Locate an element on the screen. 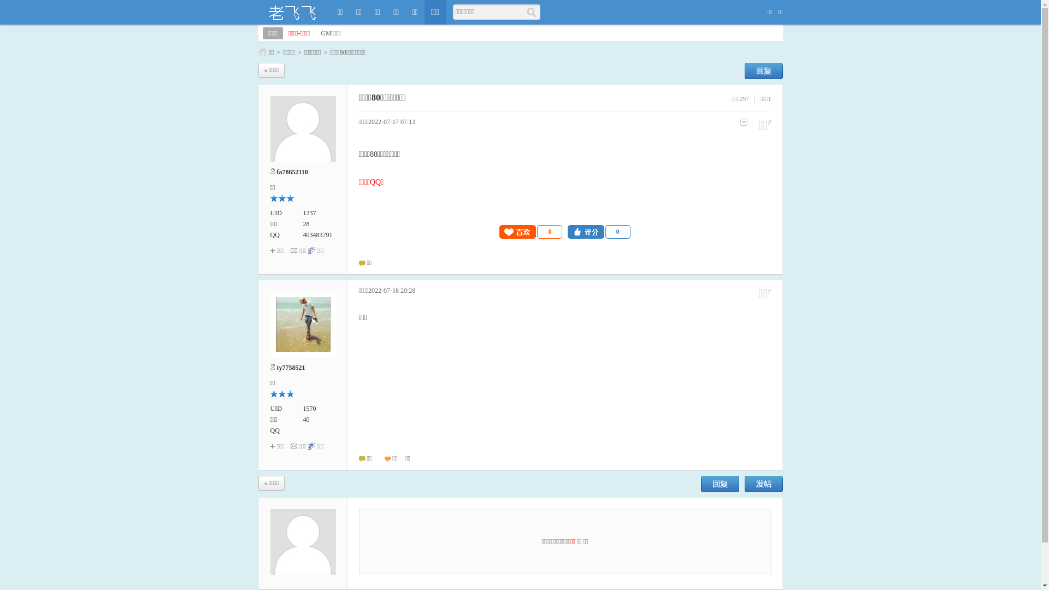 The image size is (1049, 590). 'ty7758521' is located at coordinates (291, 367).